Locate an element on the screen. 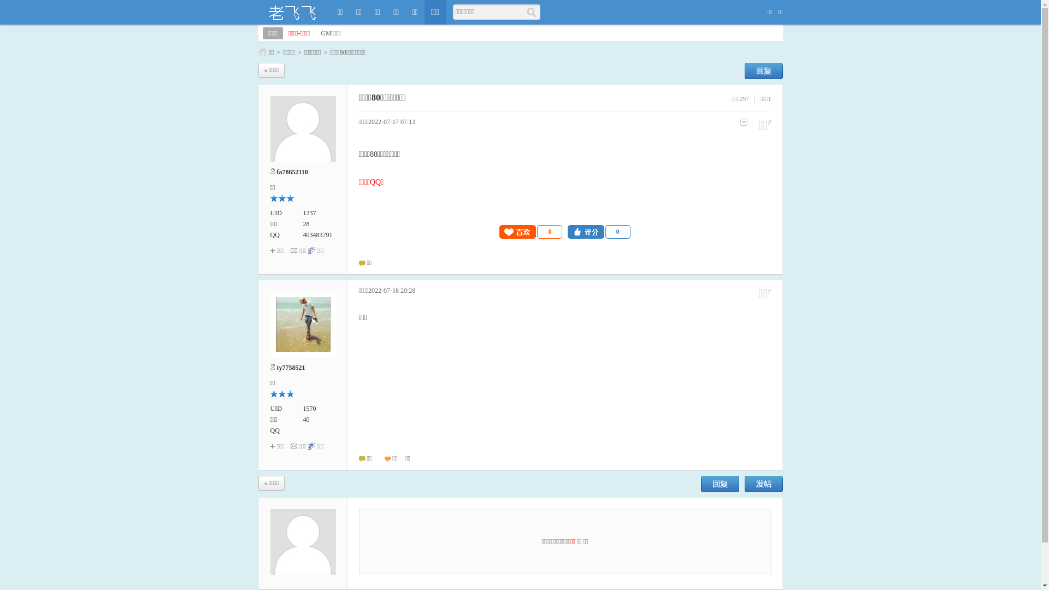 The image size is (1049, 590). 'ty7758521' is located at coordinates (291, 367).